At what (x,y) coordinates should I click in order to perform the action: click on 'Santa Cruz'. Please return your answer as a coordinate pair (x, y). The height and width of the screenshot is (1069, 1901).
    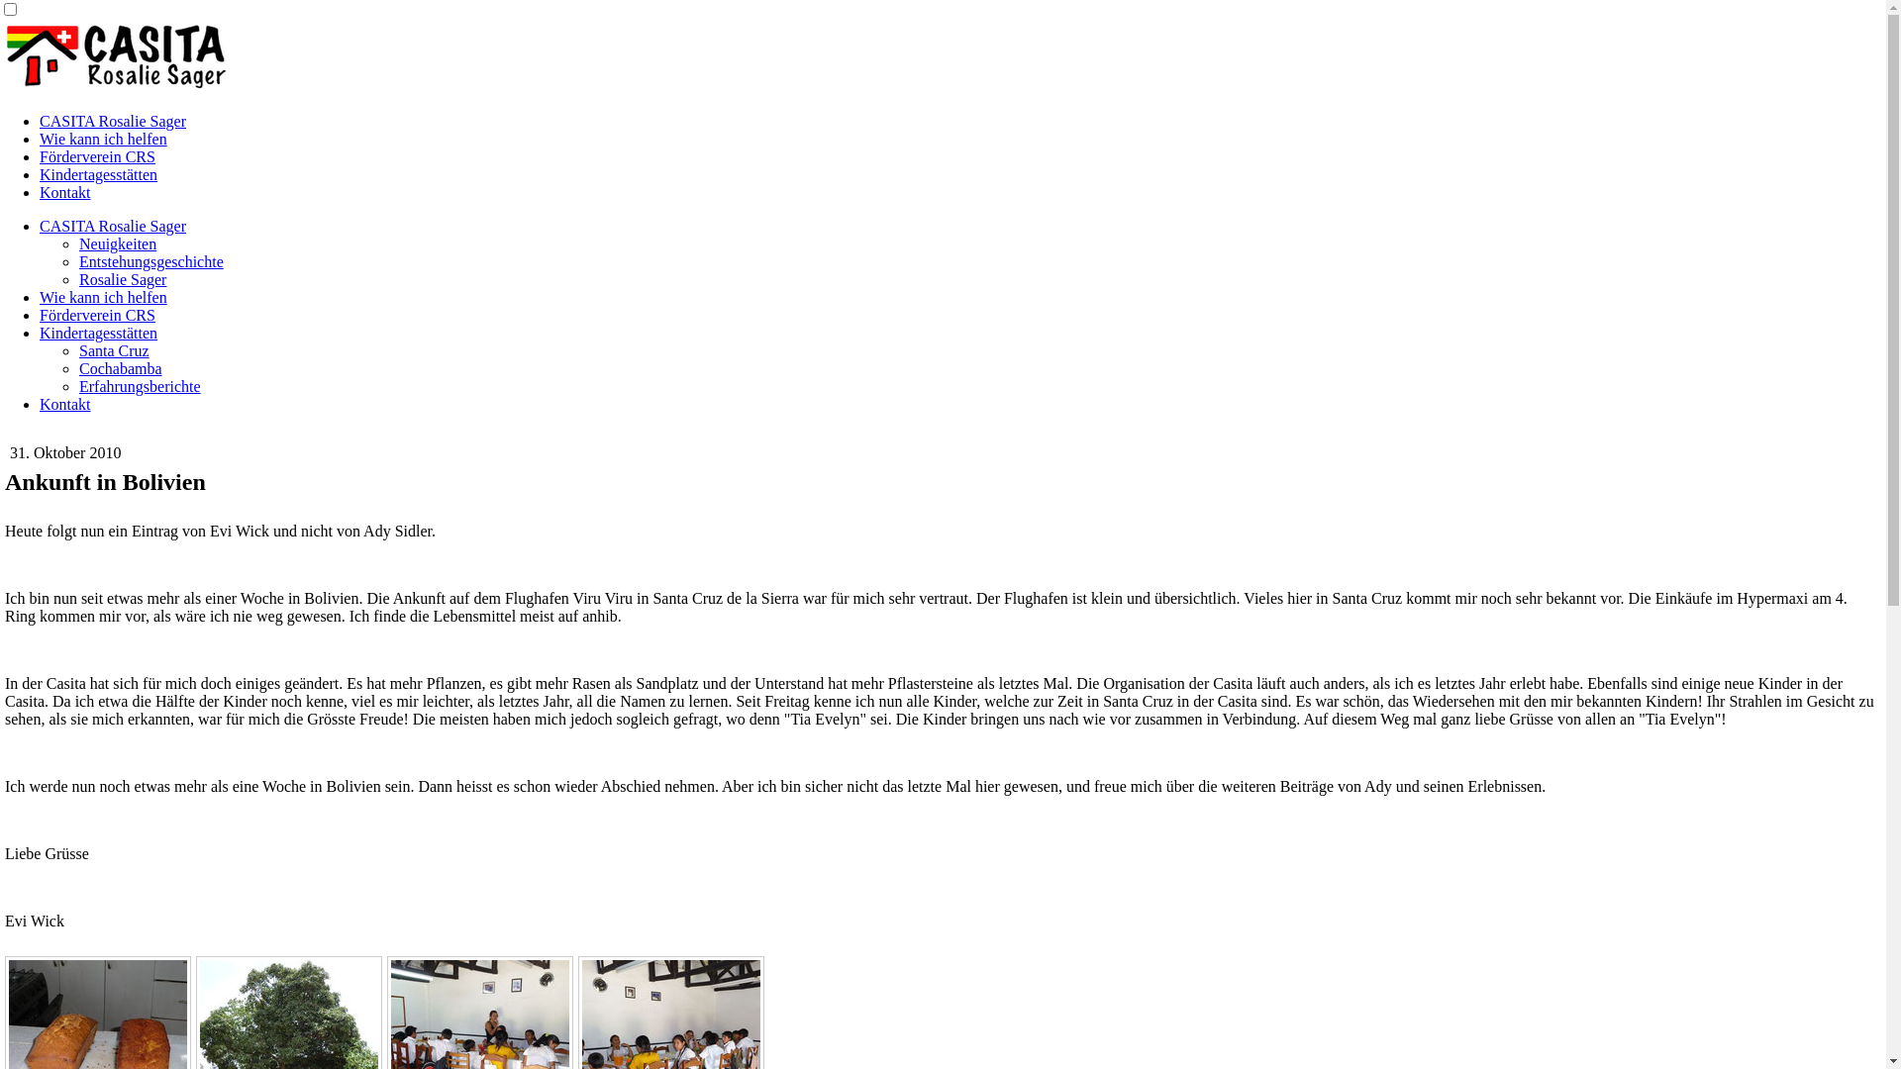
    Looking at the image, I should click on (79, 349).